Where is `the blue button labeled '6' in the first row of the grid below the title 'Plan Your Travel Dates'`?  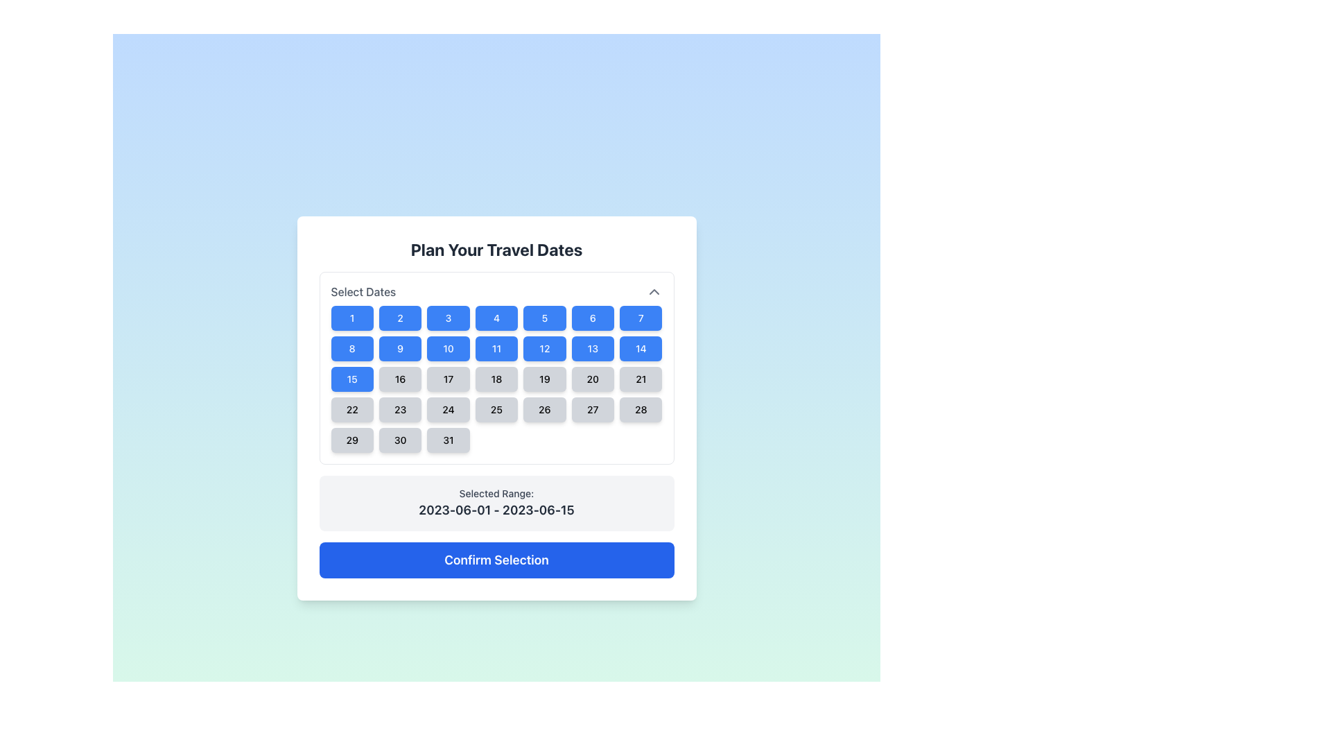 the blue button labeled '6' in the first row of the grid below the title 'Plan Your Travel Dates' is located at coordinates (593, 318).